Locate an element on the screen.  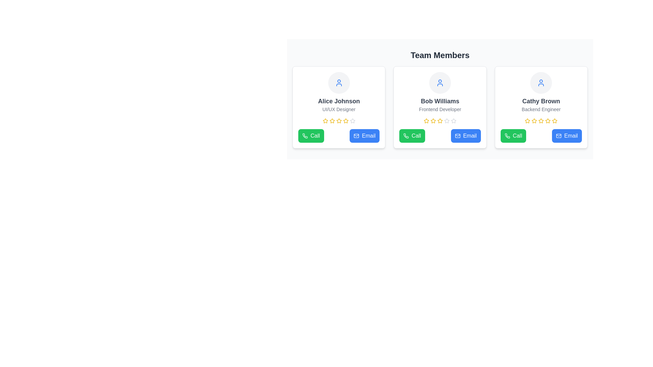
the fourth star icon in the five-star rating system located beneath 'Alice Johnson' and 'UI/UX Designer' in the leftmost profile card is located at coordinates (339, 120).